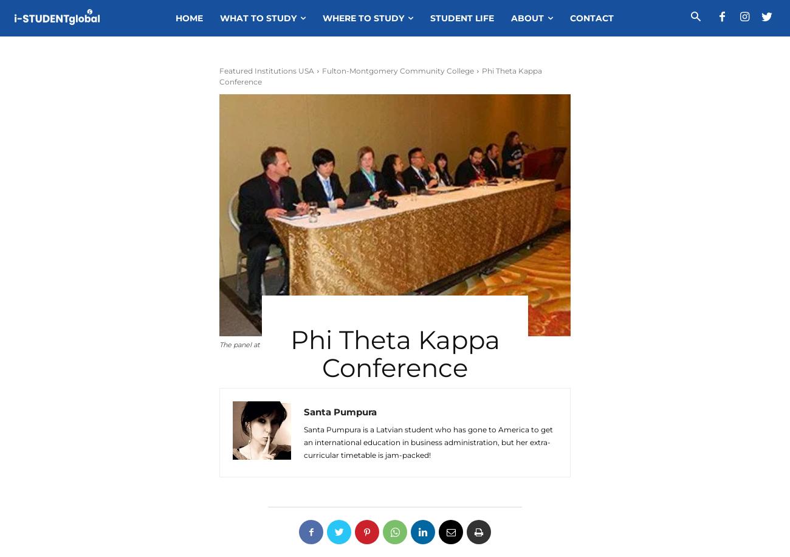 The width and height of the screenshot is (790, 557). What do you see at coordinates (363, 18) in the screenshot?
I see `'WHERE TO STUDY'` at bounding box center [363, 18].